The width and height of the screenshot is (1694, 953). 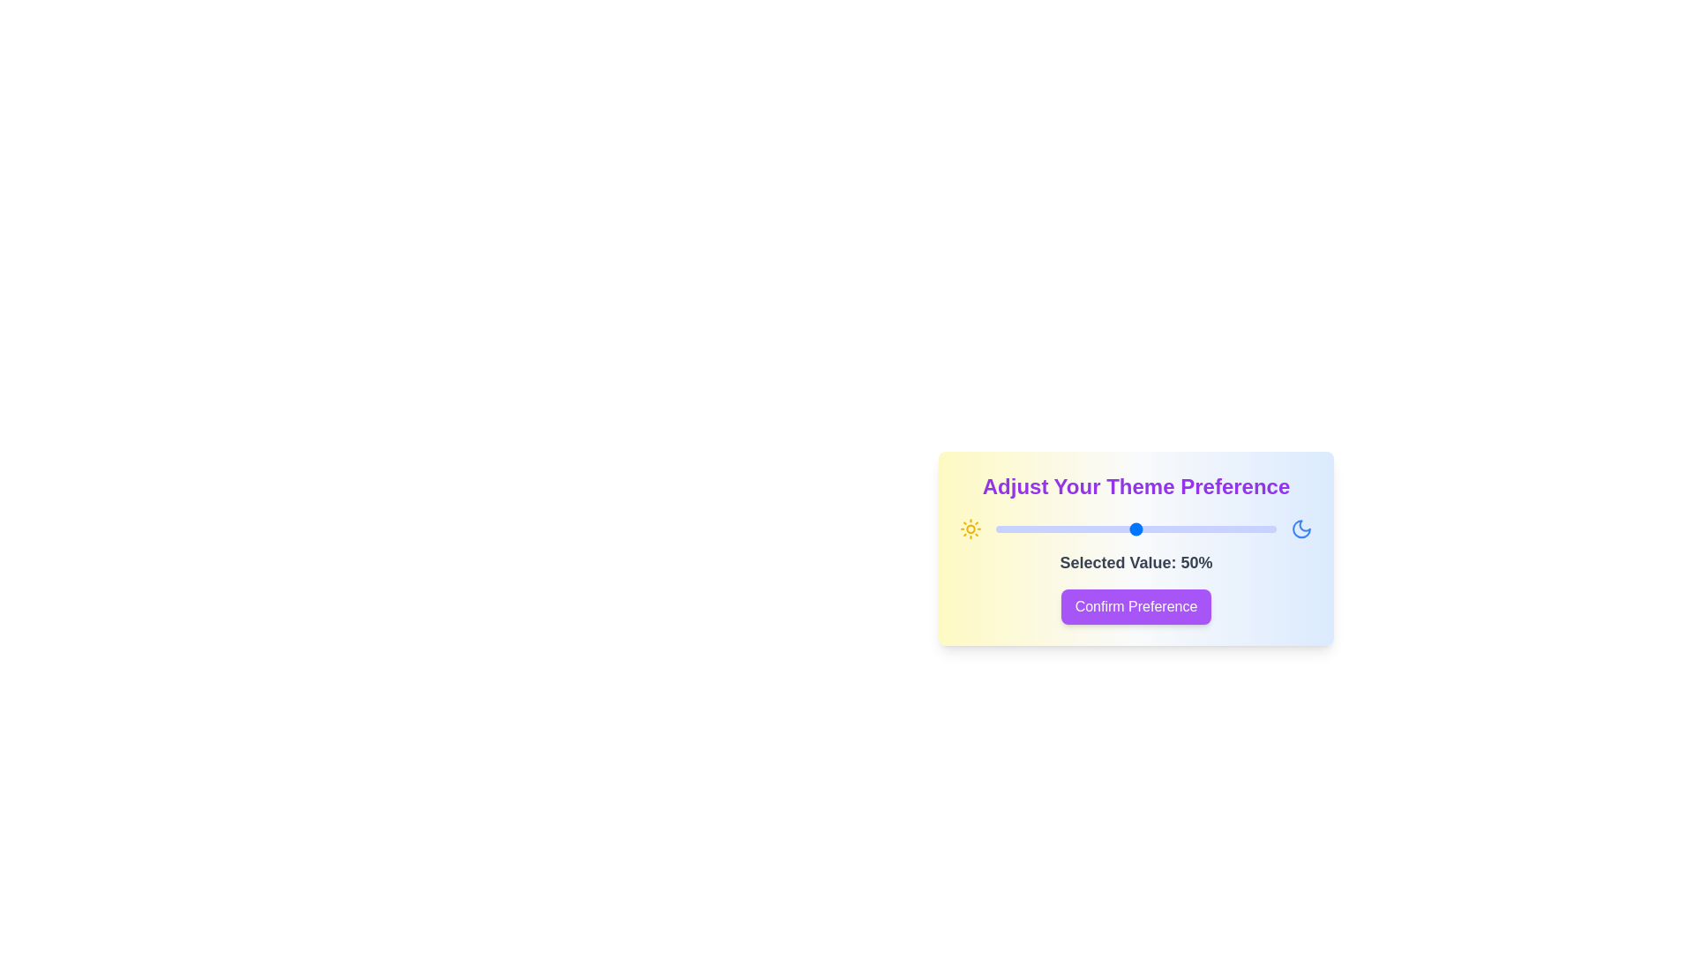 What do you see at coordinates (1030, 529) in the screenshot?
I see `the theme slider` at bounding box center [1030, 529].